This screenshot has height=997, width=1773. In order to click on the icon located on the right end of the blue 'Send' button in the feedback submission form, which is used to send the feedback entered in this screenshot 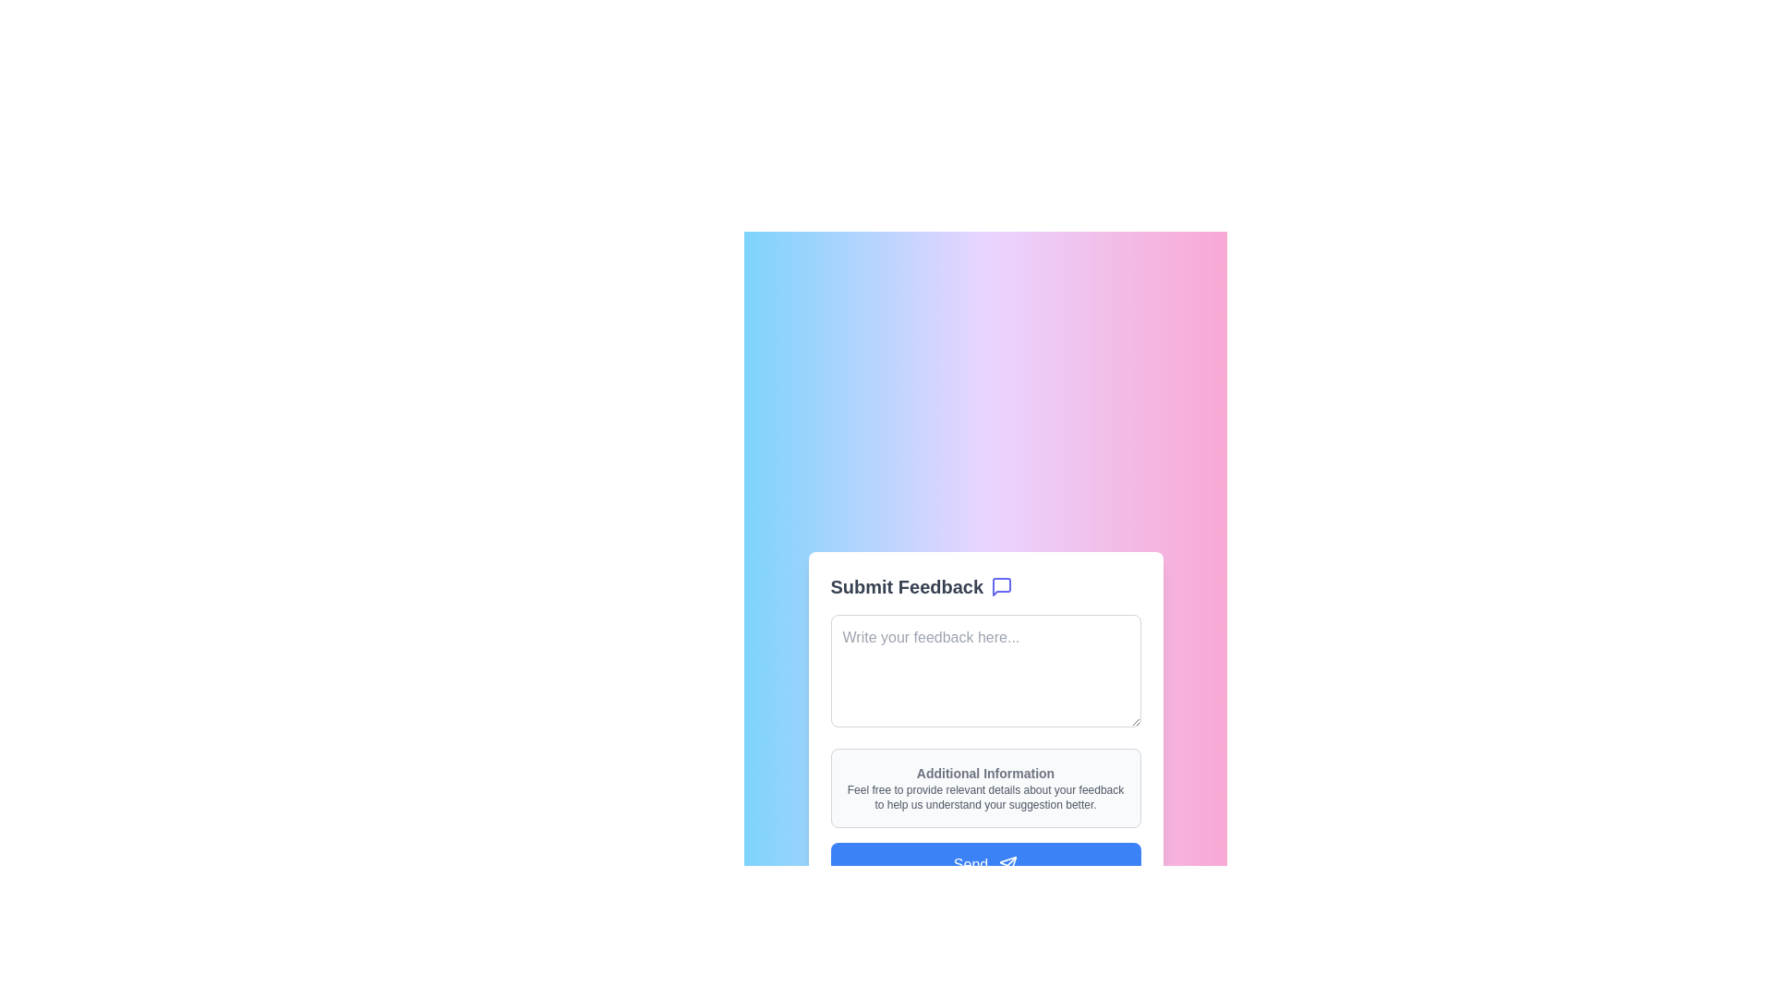, I will do `click(1007, 864)`.